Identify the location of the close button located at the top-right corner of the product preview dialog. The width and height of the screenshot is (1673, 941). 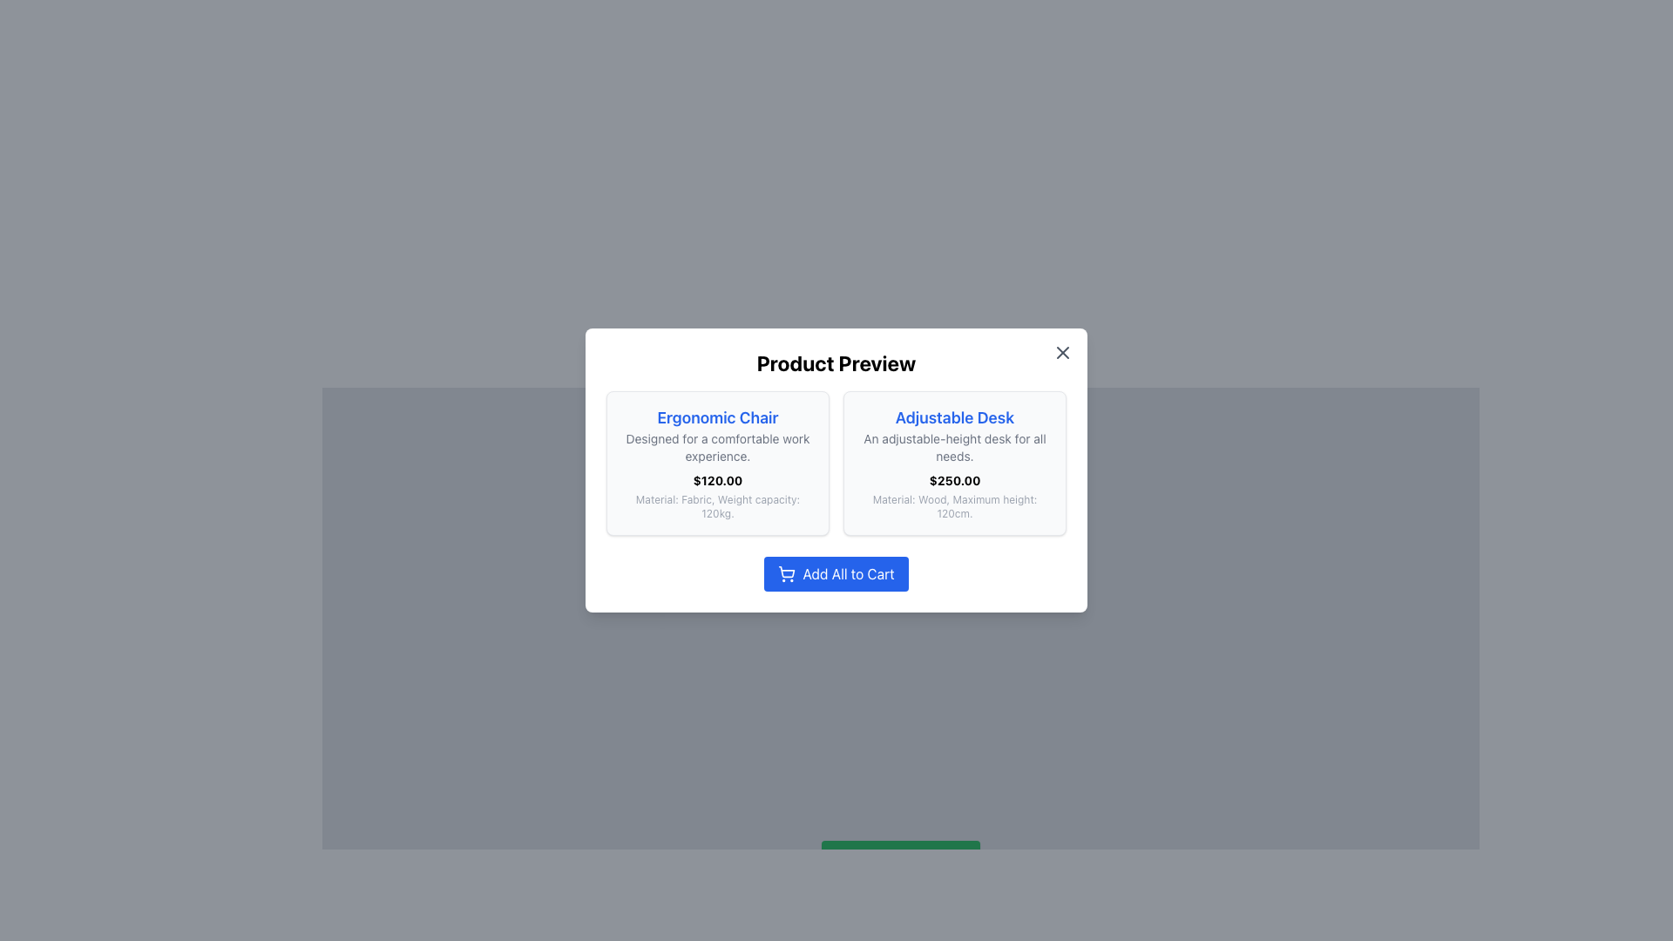
(1061, 353).